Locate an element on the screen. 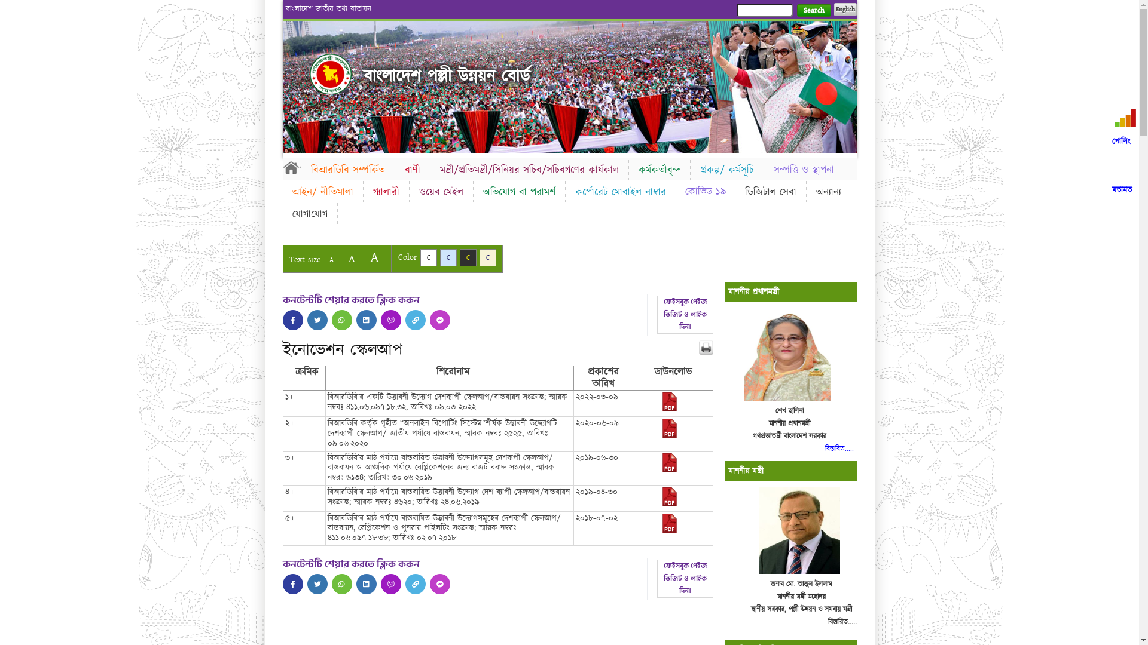  'C' is located at coordinates (479, 257).